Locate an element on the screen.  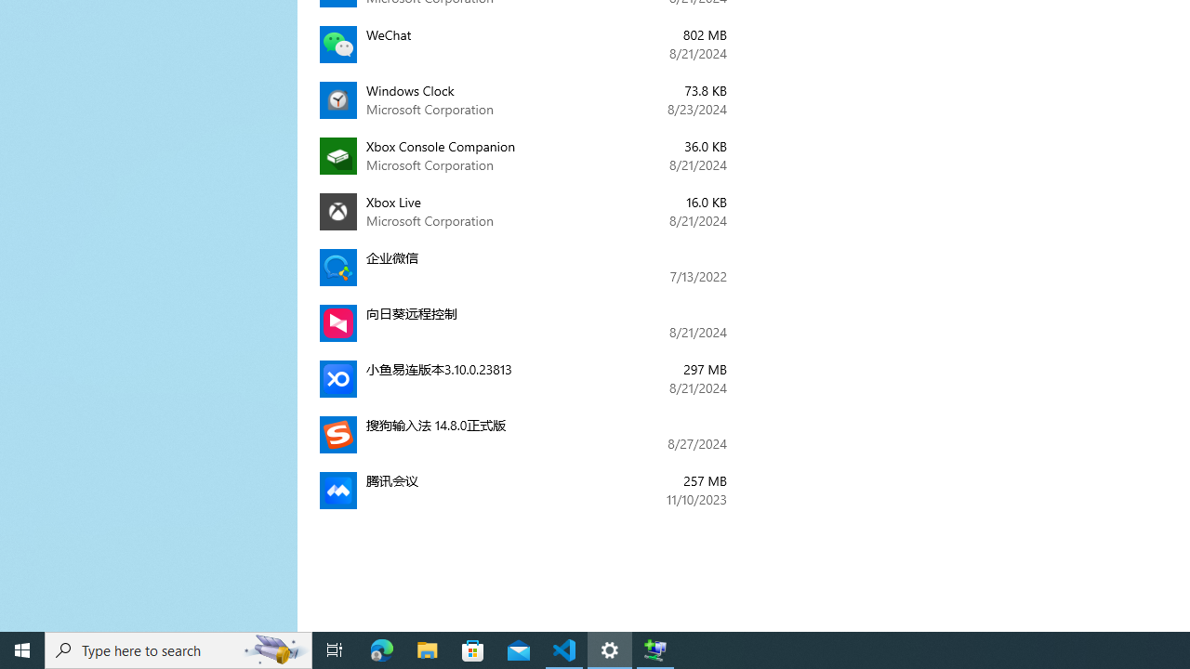
'Type here to search' is located at coordinates (178, 649).